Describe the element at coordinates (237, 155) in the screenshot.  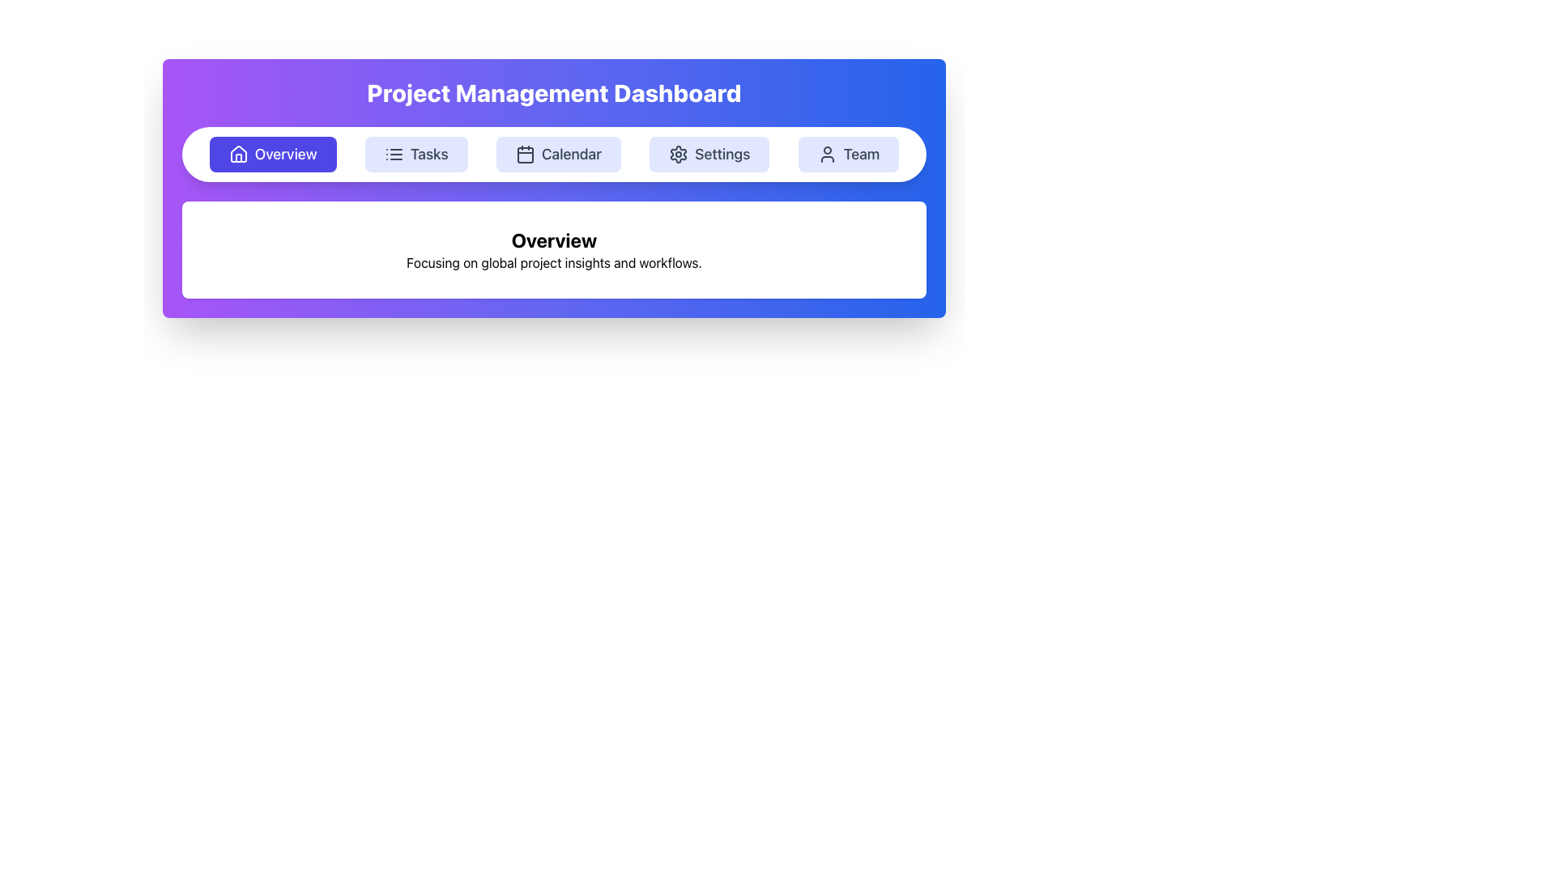
I see `the 'Overview' icon located within the first button in the navigation bar at the top left corner of the interface` at that location.